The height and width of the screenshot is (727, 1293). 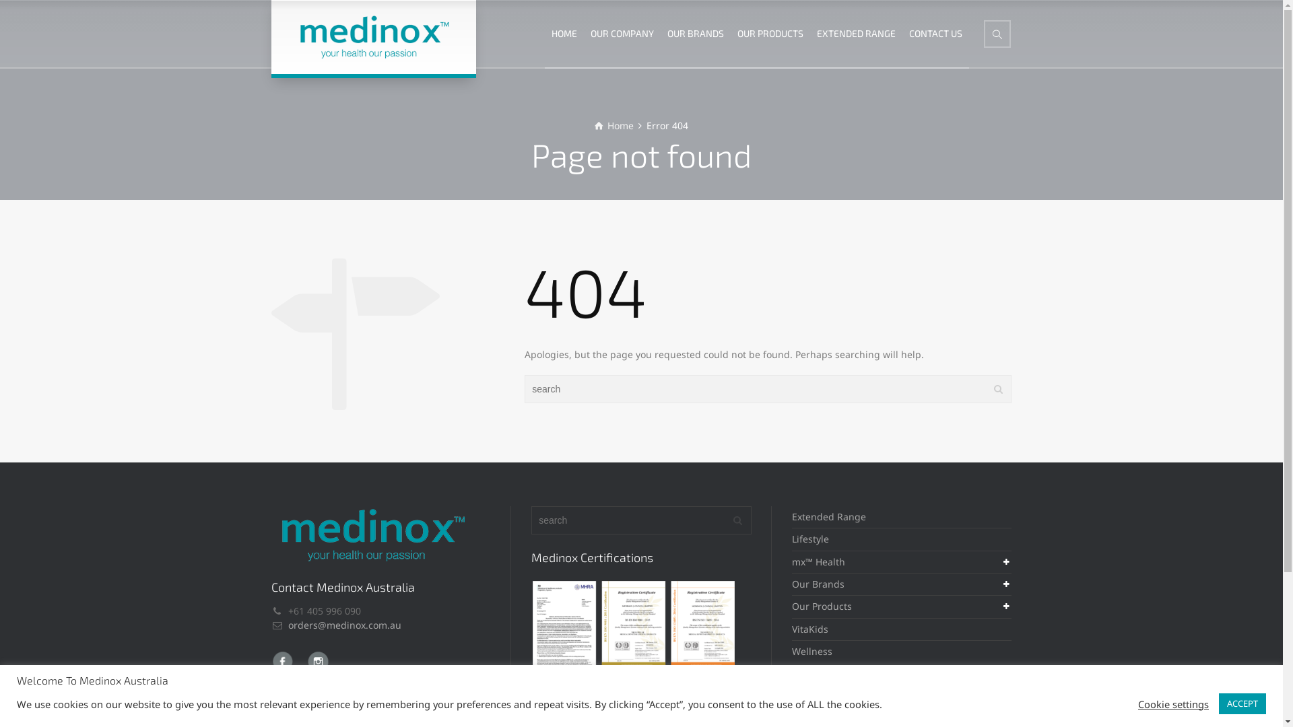 I want to click on 'CONTACT US', so click(x=935, y=33).